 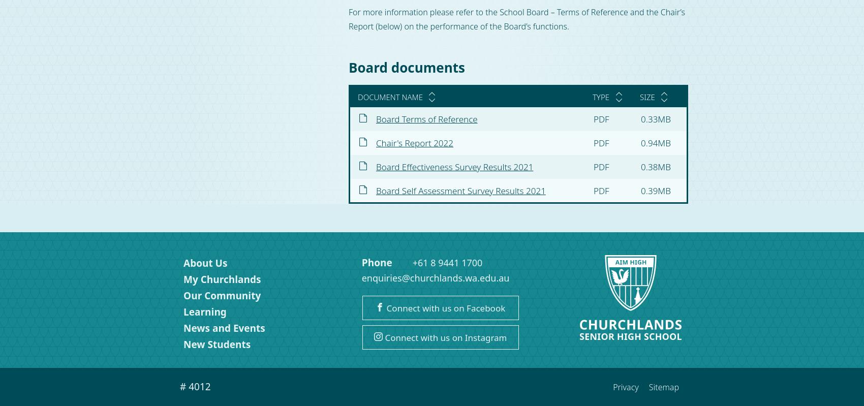 I want to click on 'Privacy', so click(x=625, y=387).